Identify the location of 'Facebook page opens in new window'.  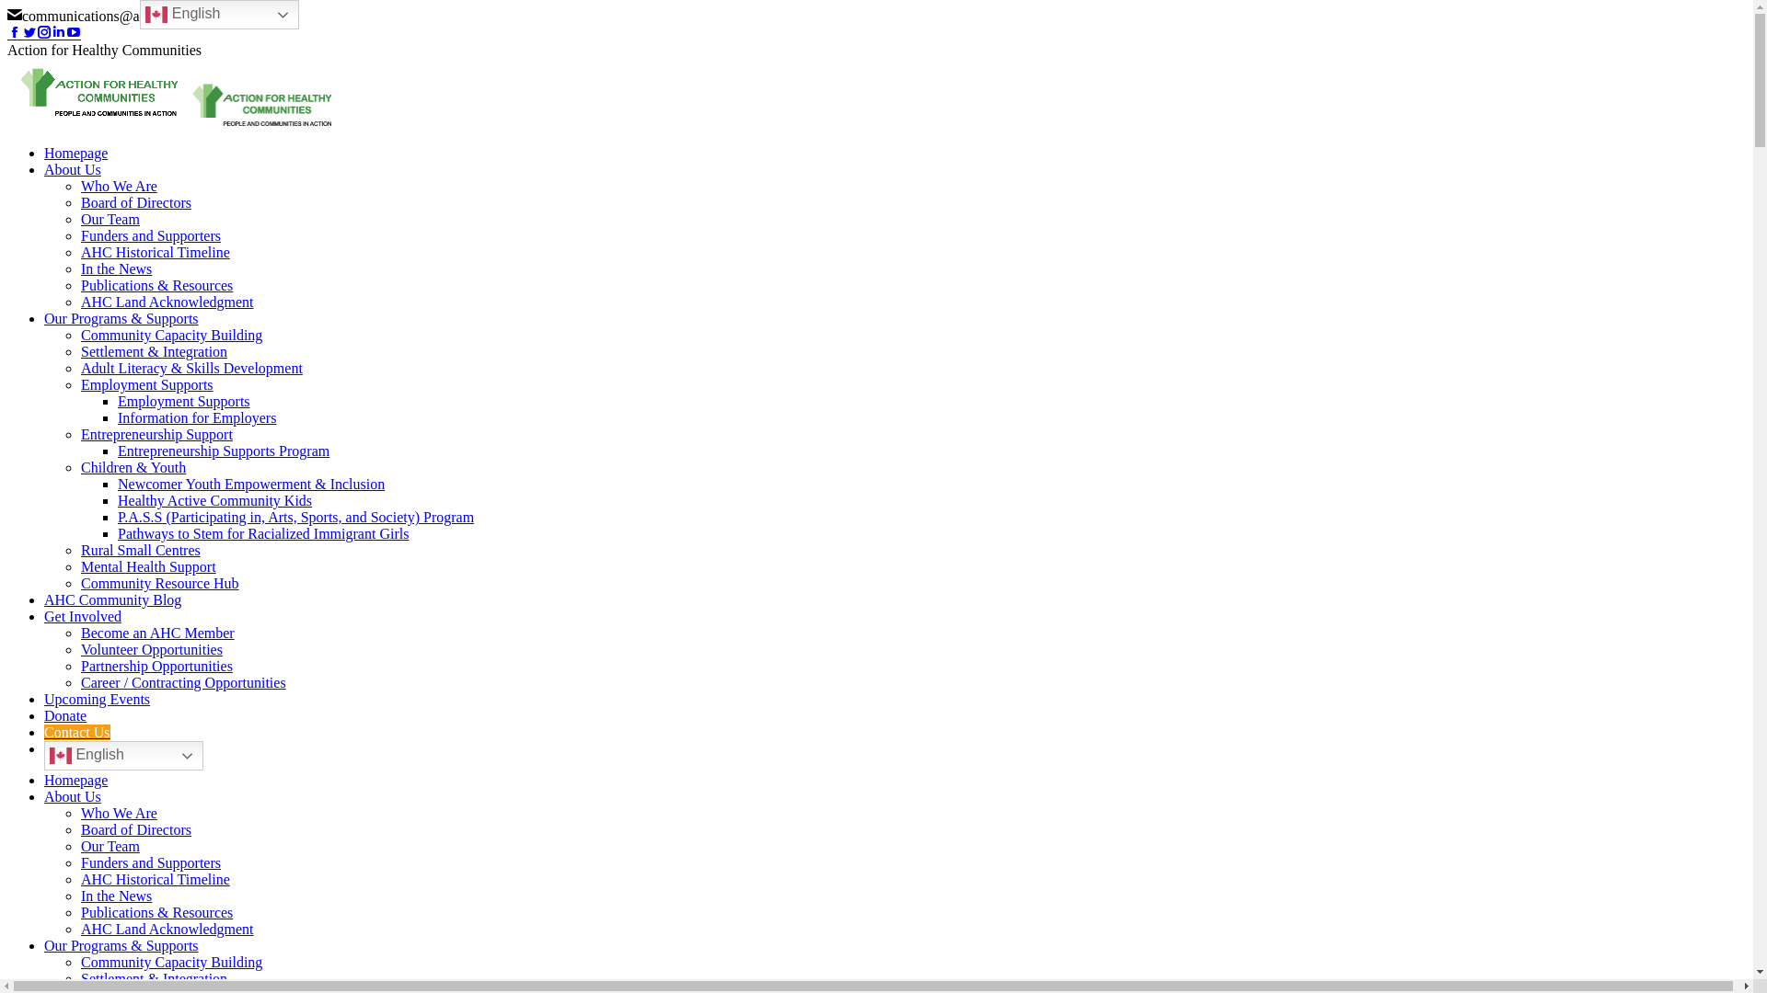
(14, 33).